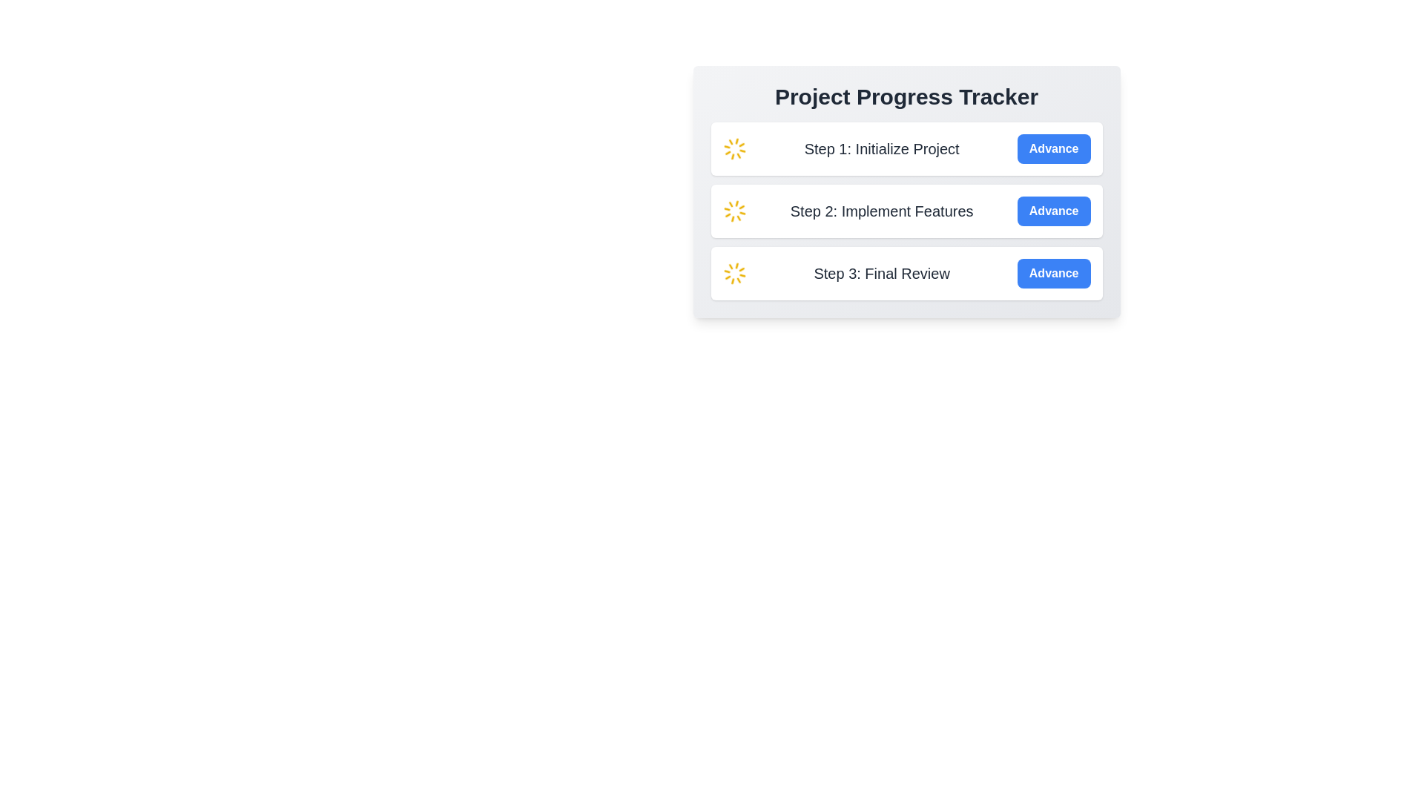 The height and width of the screenshot is (801, 1424). What do you see at coordinates (1053, 211) in the screenshot?
I see `the second 'Advance' button with a bright blue background and white bold text to proceed to the next step` at bounding box center [1053, 211].